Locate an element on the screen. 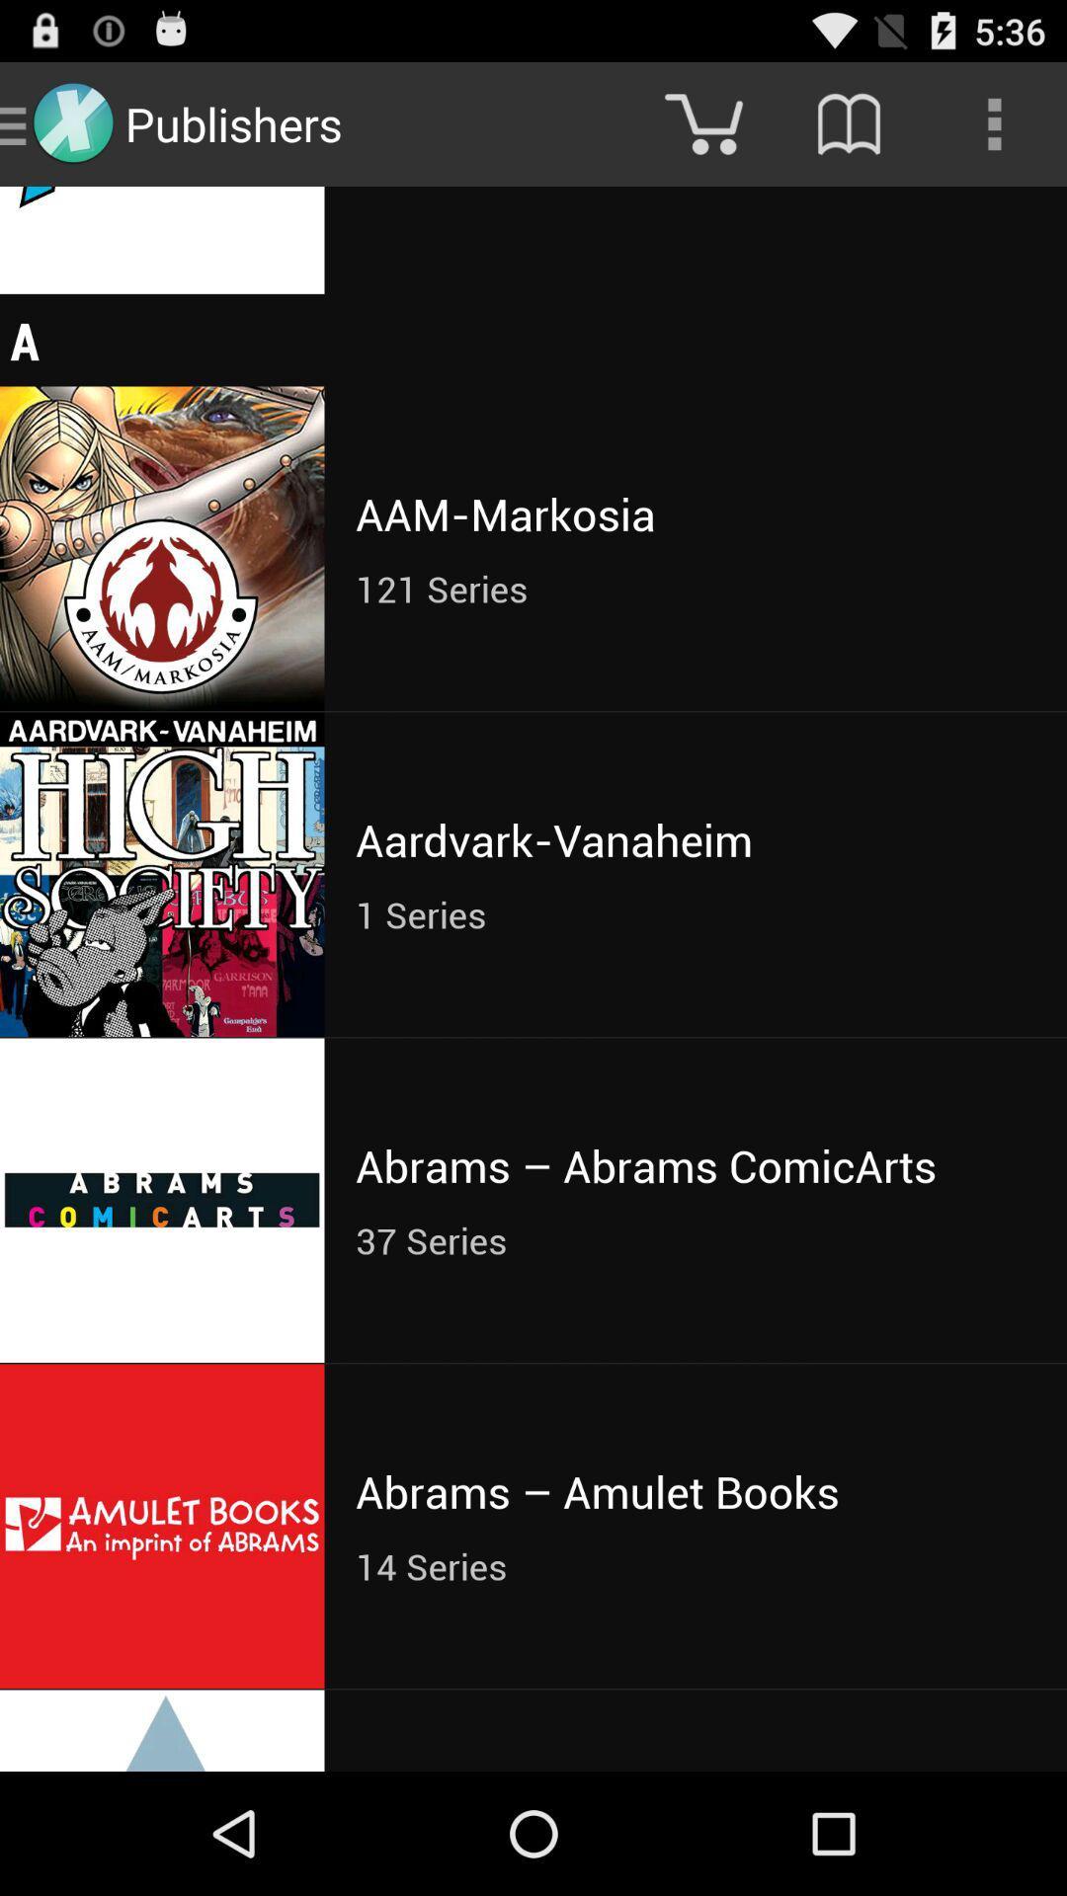  the 16 series is located at coordinates (695, 191).